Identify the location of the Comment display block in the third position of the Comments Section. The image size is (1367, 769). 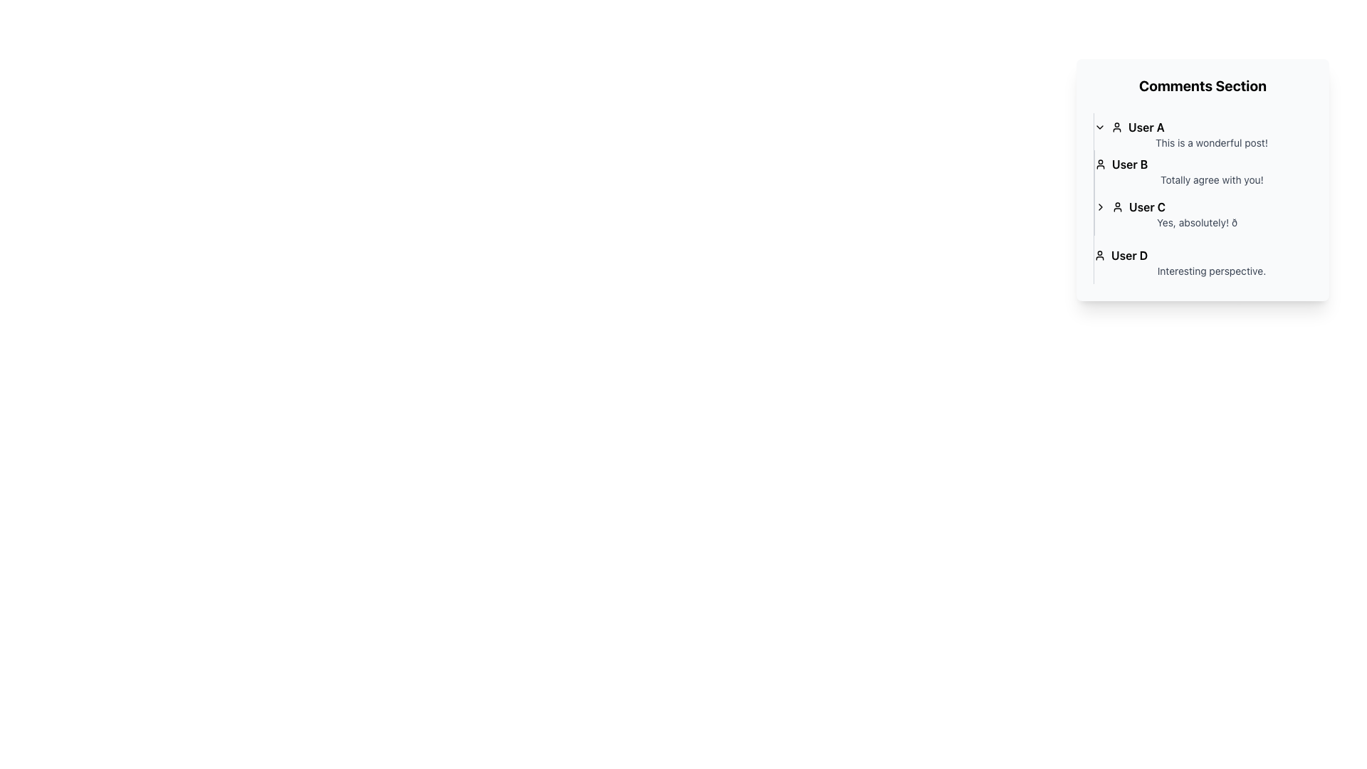
(1202, 198).